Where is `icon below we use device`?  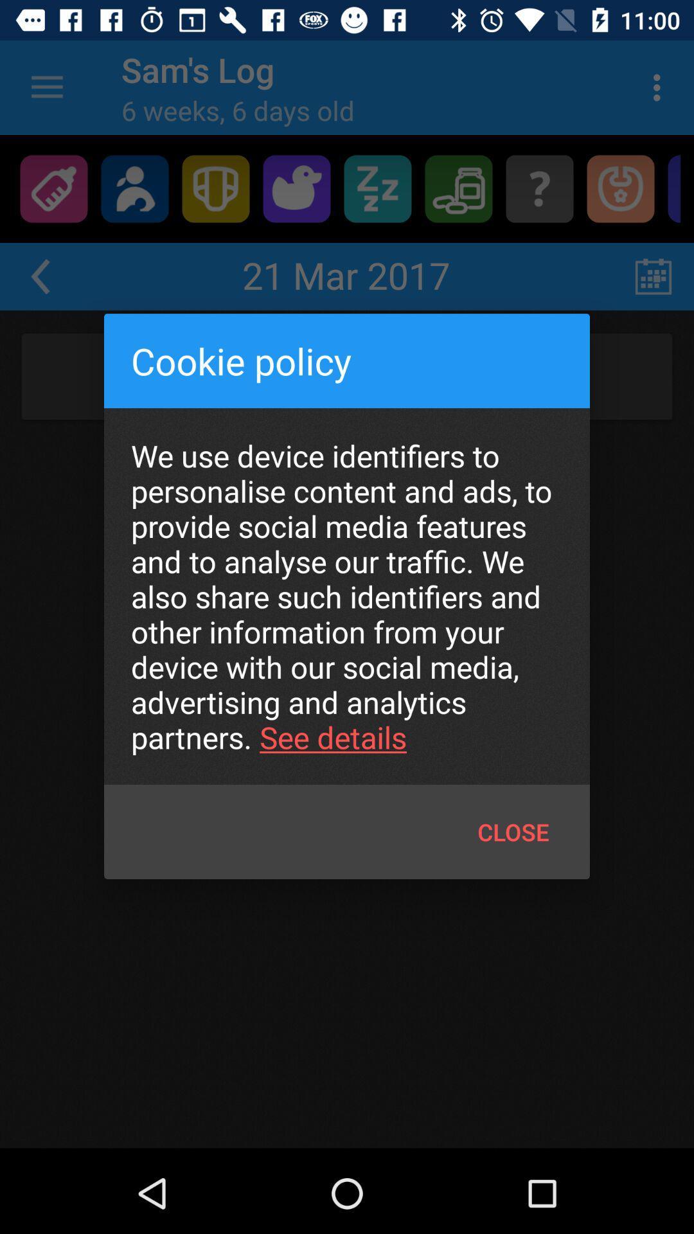 icon below we use device is located at coordinates (513, 832).